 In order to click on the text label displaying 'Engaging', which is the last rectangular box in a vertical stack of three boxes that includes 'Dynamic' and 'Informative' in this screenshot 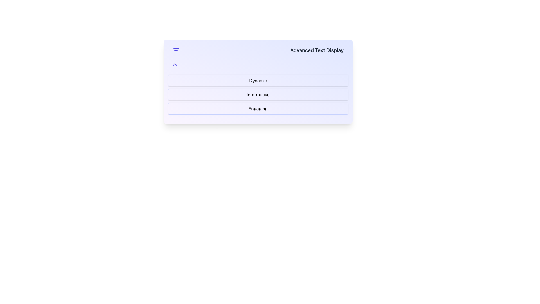, I will do `click(258, 108)`.